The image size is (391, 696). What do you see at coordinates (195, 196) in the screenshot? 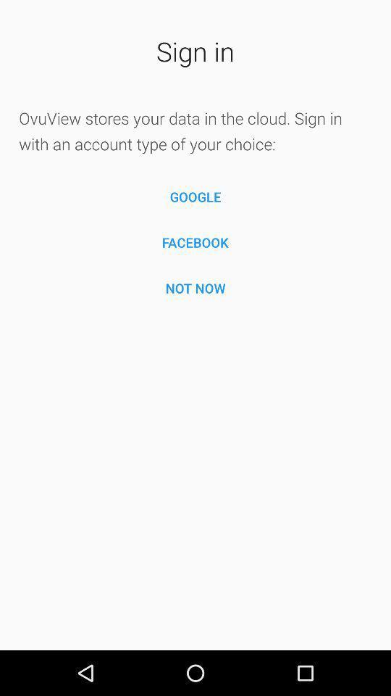
I see `google icon` at bounding box center [195, 196].